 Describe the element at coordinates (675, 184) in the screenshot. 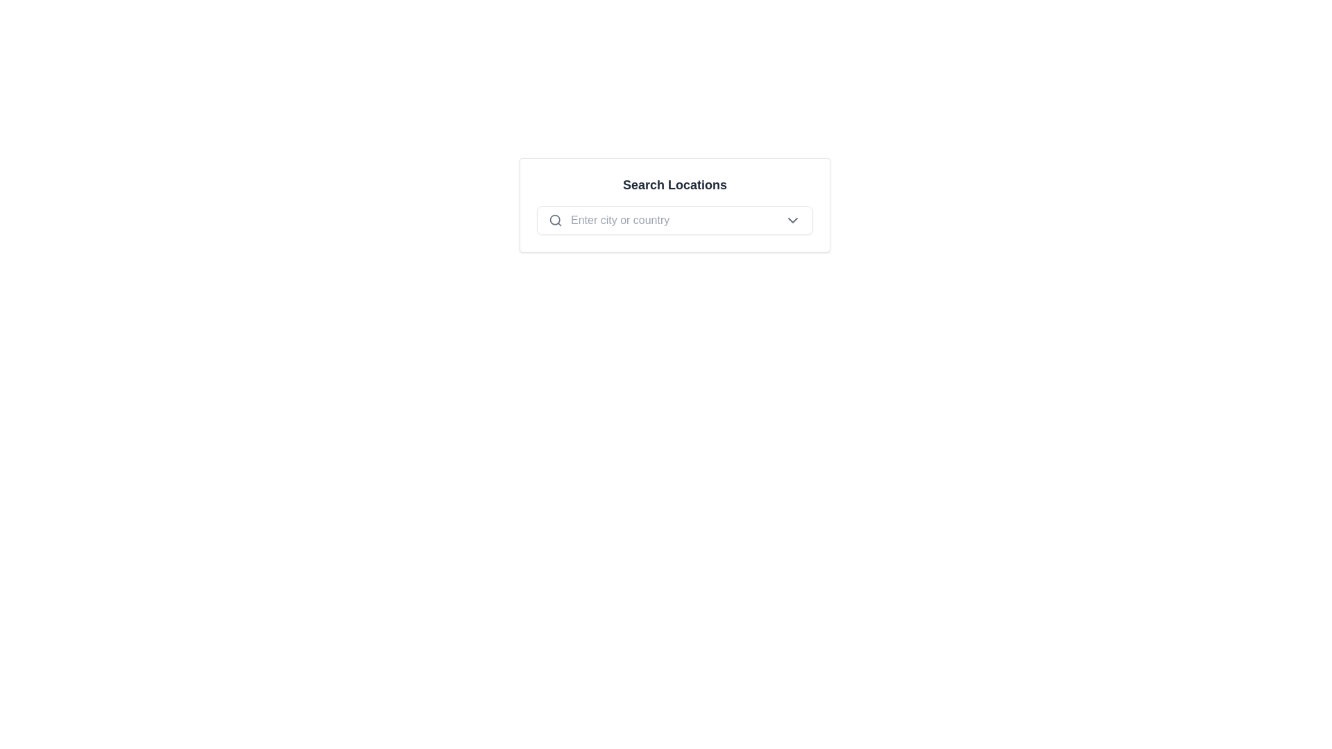

I see `the Text label that serves as a header for the interface, positioned above other interactive elements and centered horizontally` at that location.